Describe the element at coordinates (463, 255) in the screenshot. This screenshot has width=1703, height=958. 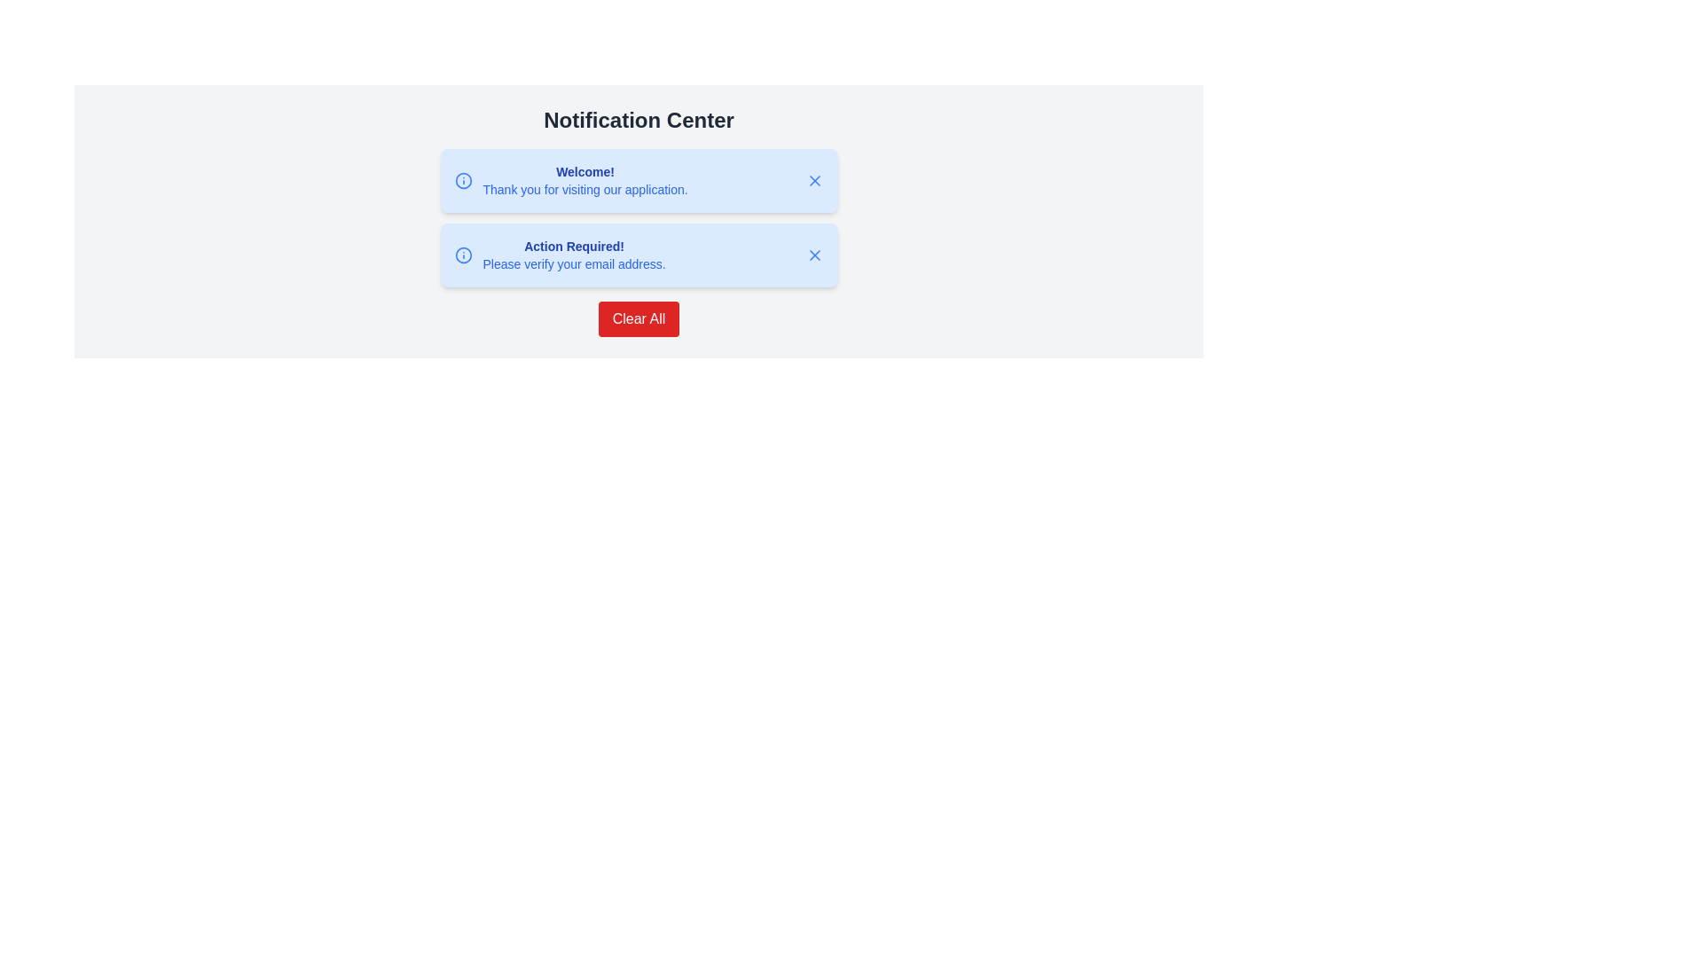
I see `the information indicator icon located on the left side within the notification card titled 'Action Required!'` at that location.